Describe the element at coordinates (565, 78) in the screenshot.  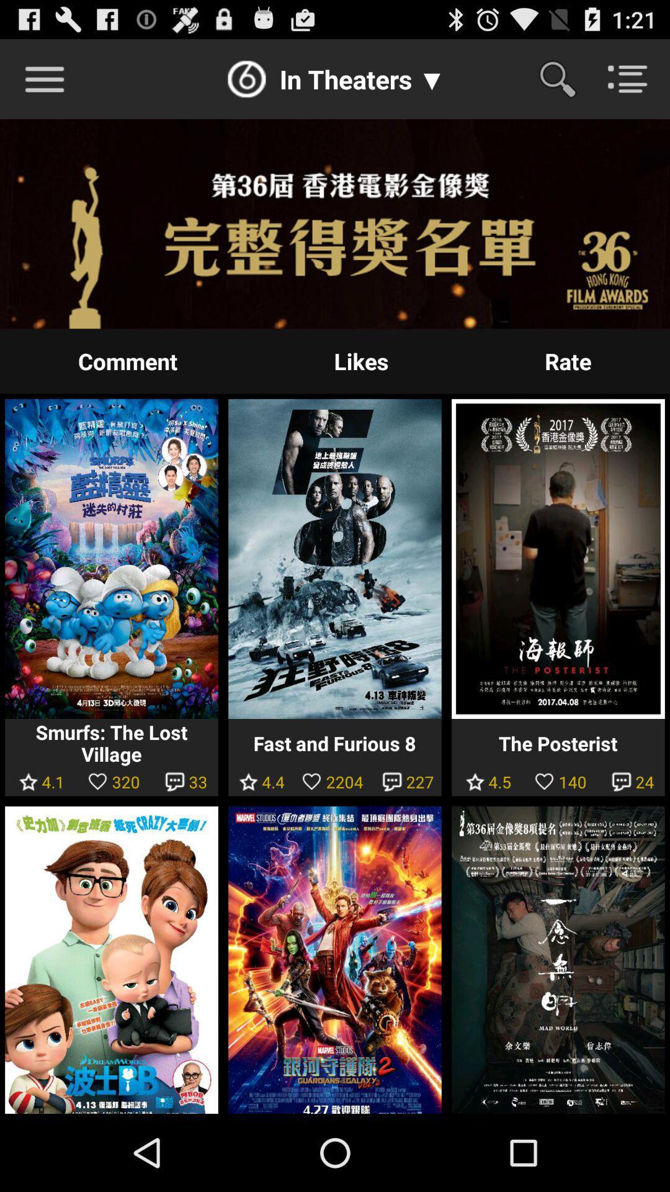
I see `search button` at that location.